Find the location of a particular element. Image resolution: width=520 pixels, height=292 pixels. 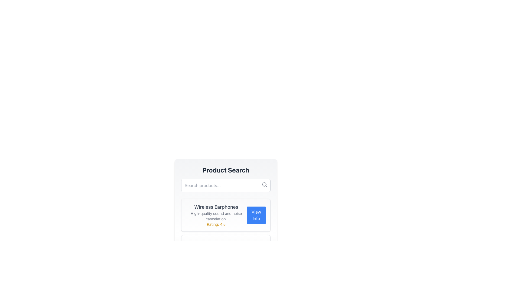

the rectangular button with a blue background and 'View Info' text in white is located at coordinates (256, 215).